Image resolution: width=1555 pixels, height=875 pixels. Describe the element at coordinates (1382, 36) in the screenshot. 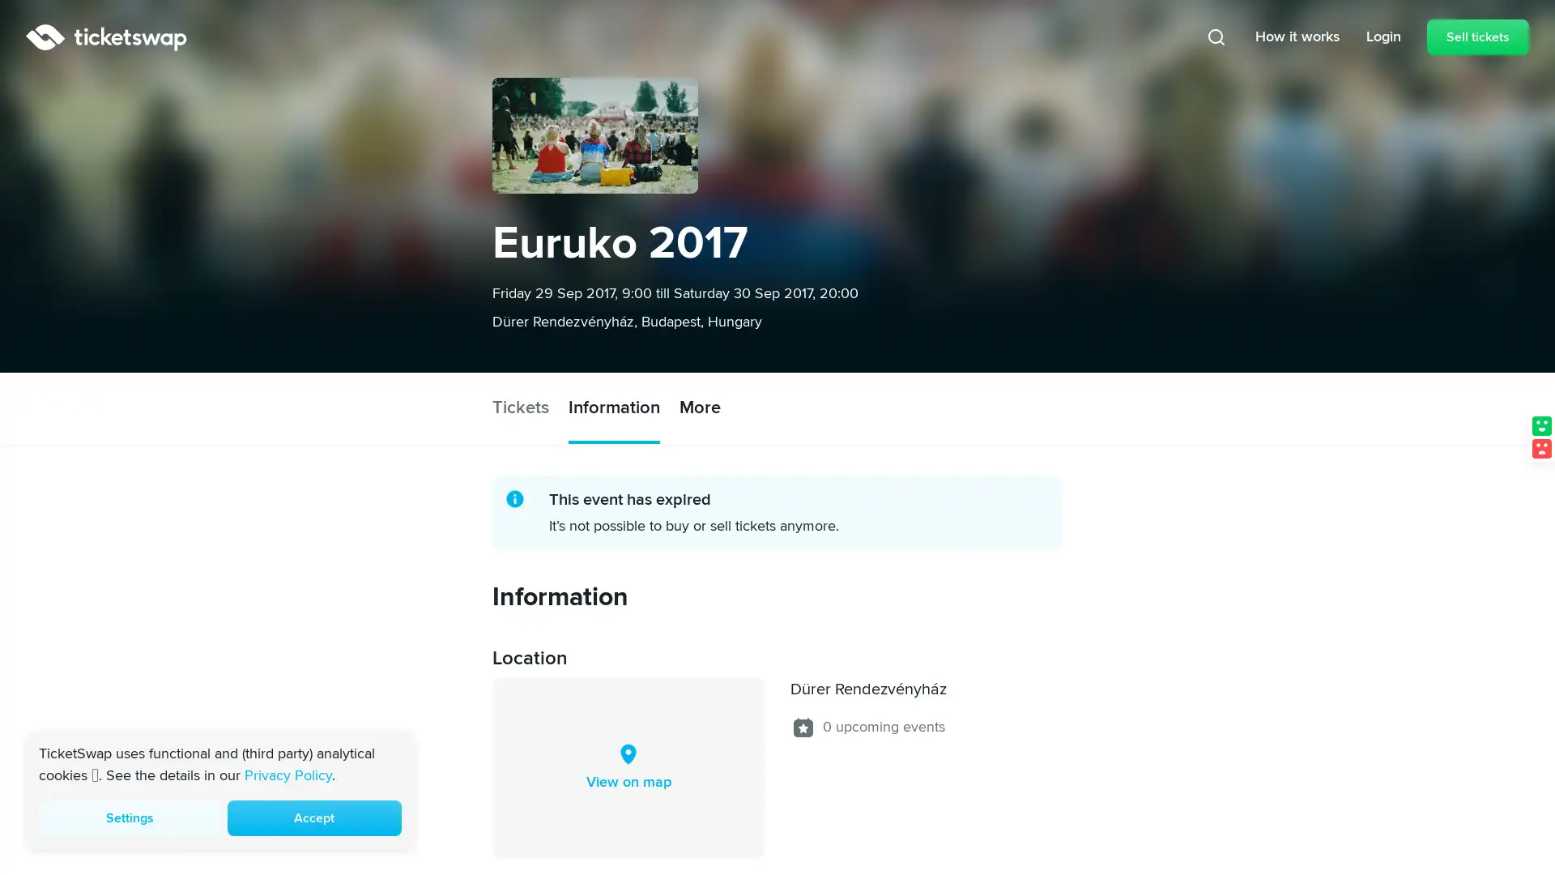

I see `Login` at that location.